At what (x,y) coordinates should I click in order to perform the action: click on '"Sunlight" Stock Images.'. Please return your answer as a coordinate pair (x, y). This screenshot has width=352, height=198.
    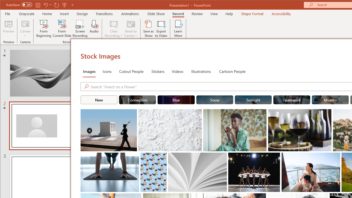
    Looking at the image, I should click on (253, 100).